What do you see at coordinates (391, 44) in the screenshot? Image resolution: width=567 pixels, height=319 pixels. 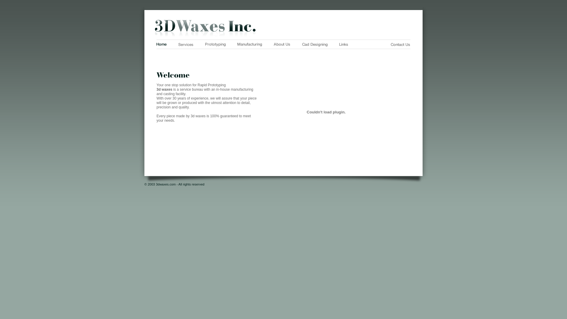 I see `'Contact Us'` at bounding box center [391, 44].